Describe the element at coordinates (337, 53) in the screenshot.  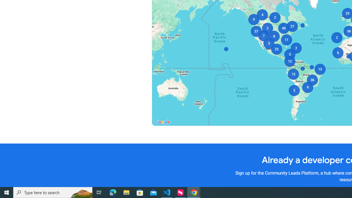
I see `'6'` at that location.